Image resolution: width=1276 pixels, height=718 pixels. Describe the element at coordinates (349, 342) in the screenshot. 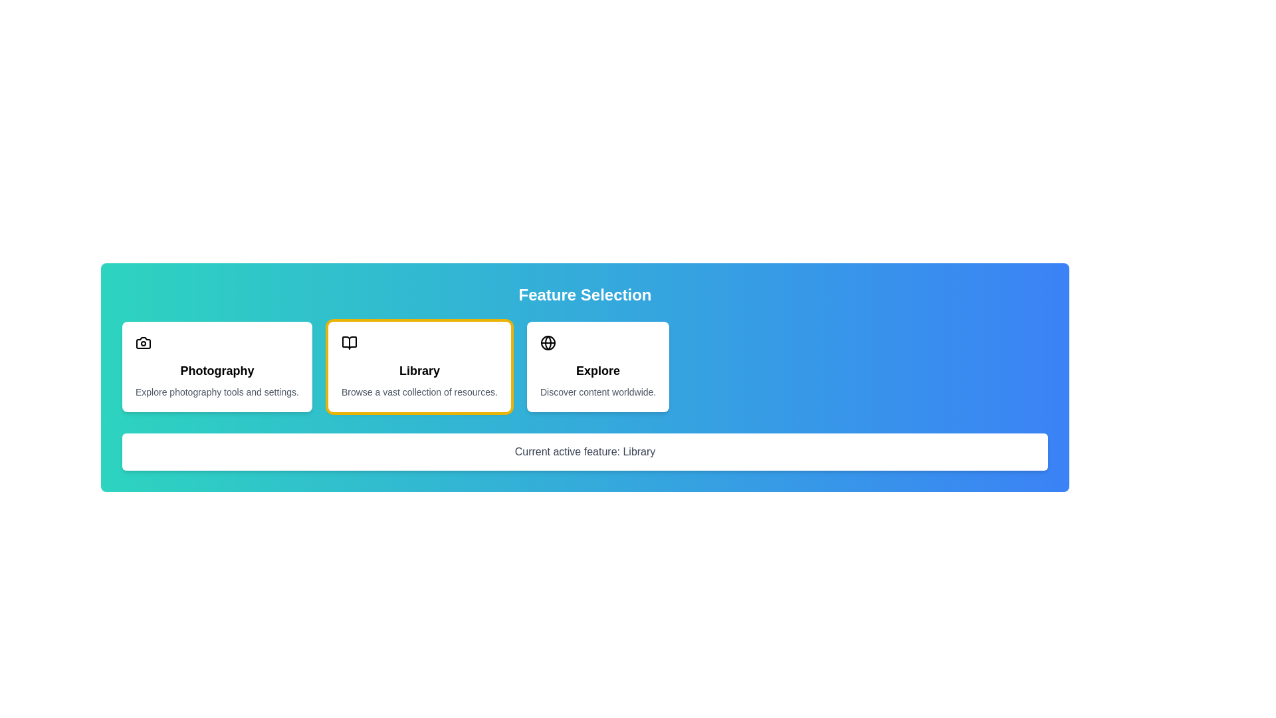

I see `the stylized open book icon located within the 'Library' card, which has a yellow border and is positioned between the 'Photography' and 'Explore' cards` at that location.